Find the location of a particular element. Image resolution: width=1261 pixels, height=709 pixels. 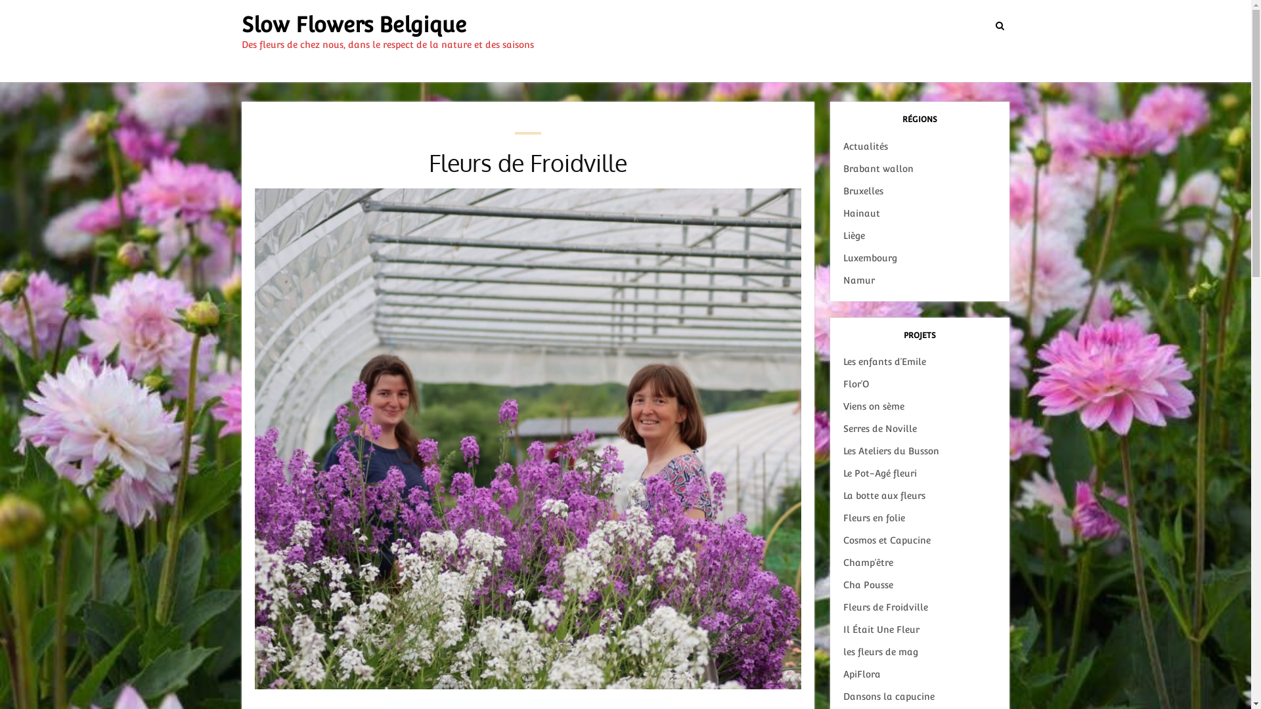

'Hainaut' is located at coordinates (861, 212).